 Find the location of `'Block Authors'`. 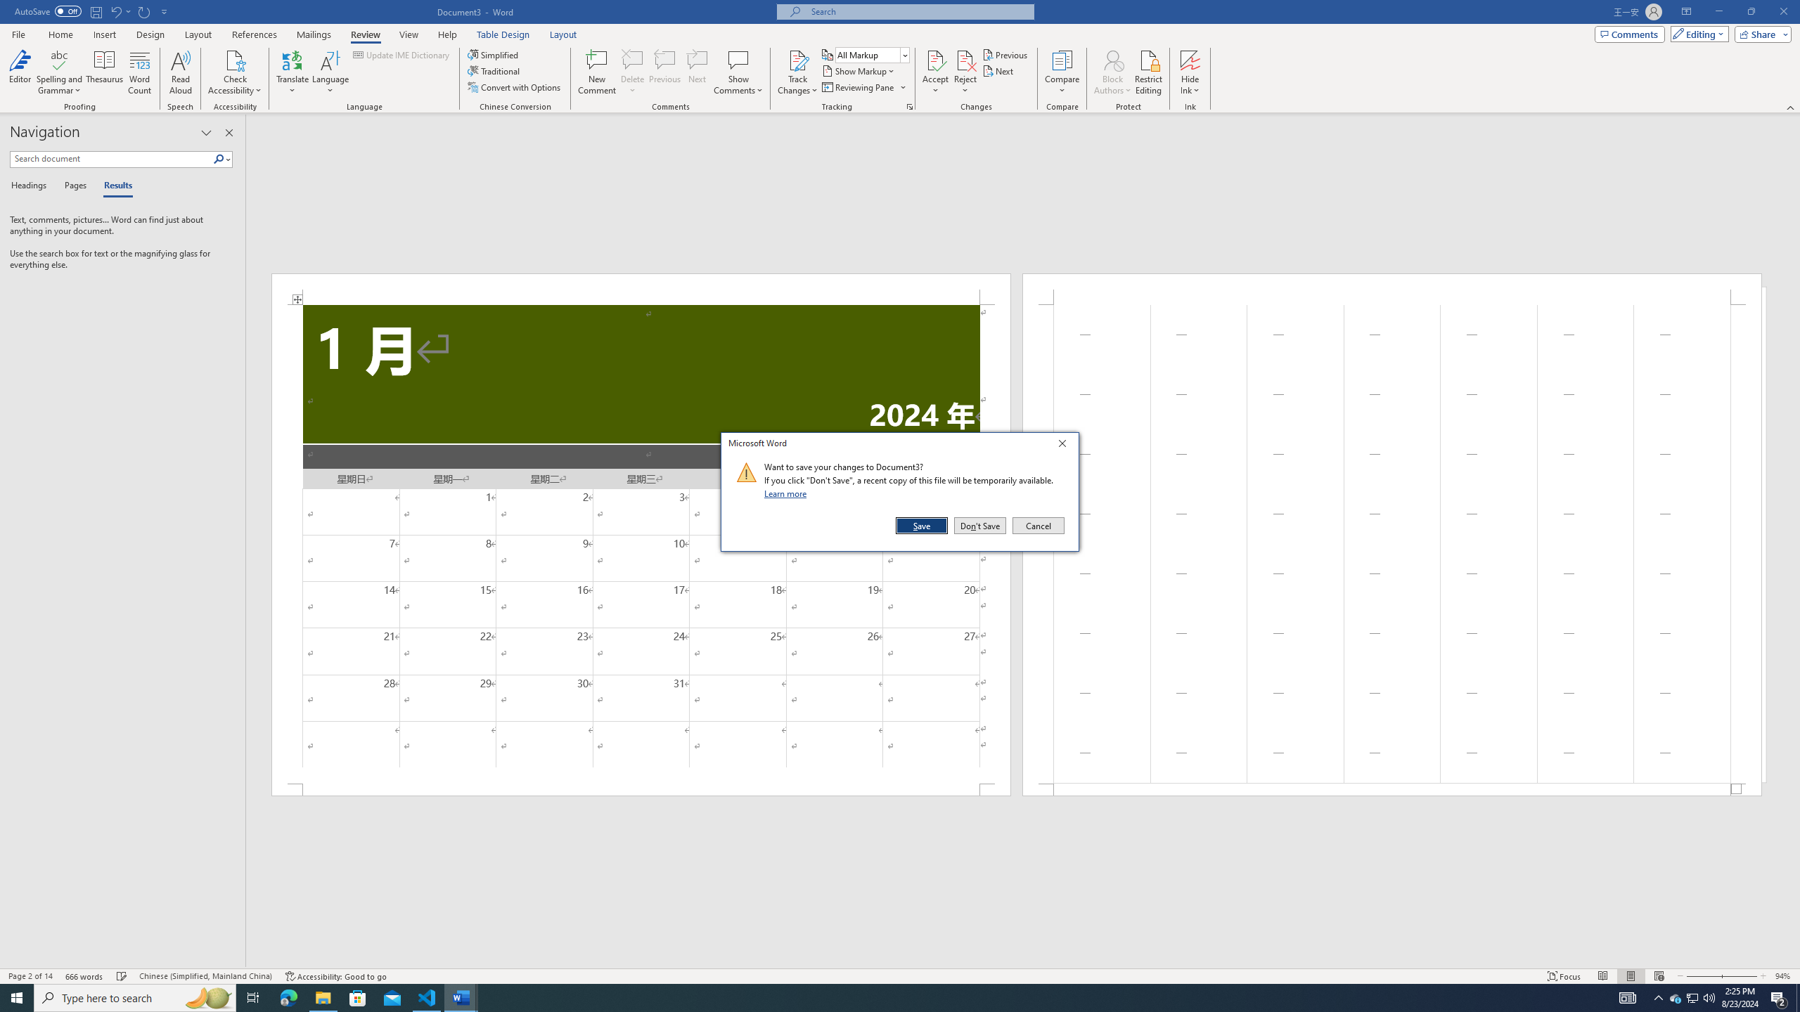

'Block Authors' is located at coordinates (1112, 59).